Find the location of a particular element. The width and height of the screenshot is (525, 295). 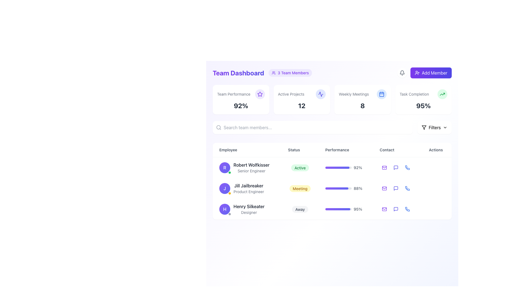

the Decorative Icon representing activity in the 'Active Projects' section, located in the second card from the left at the top center of the interface is located at coordinates (320, 94).